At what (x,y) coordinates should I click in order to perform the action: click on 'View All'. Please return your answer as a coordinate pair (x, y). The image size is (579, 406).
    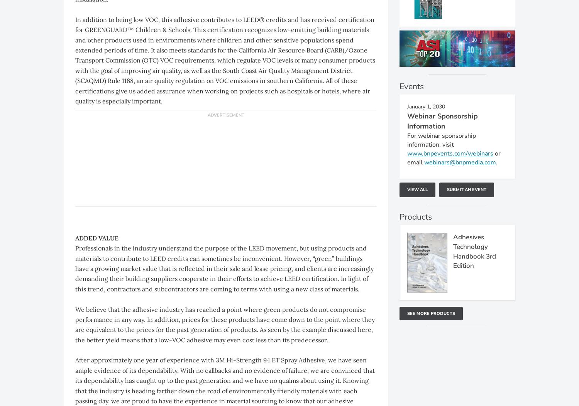
    Looking at the image, I should click on (417, 189).